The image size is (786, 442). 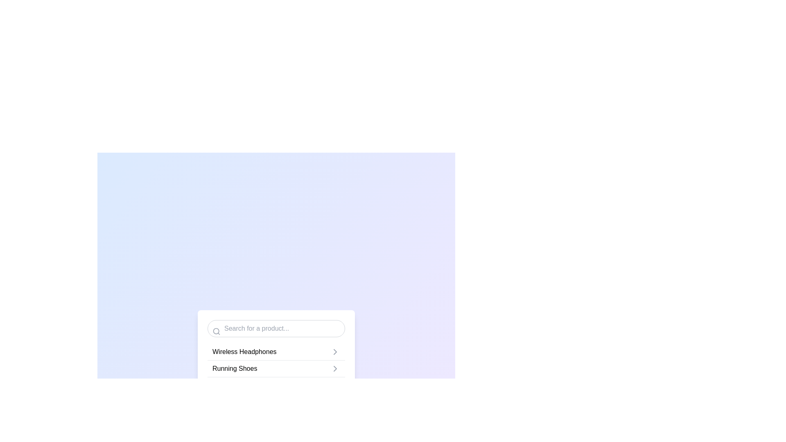 I want to click on the second list item representing the 'Running Shoes' category, so click(x=276, y=368).